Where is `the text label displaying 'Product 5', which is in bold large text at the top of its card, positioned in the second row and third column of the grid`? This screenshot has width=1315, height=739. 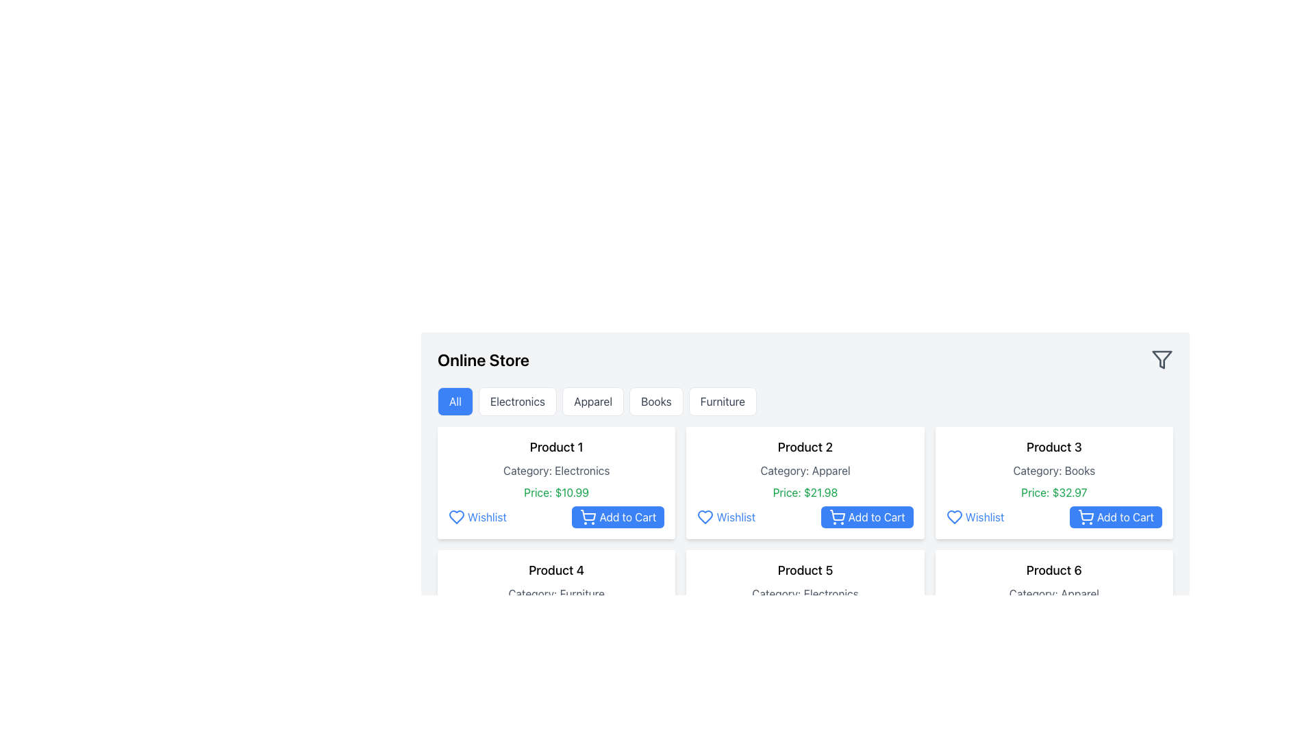
the text label displaying 'Product 5', which is in bold large text at the top of its card, positioned in the second row and third column of the grid is located at coordinates (805, 570).